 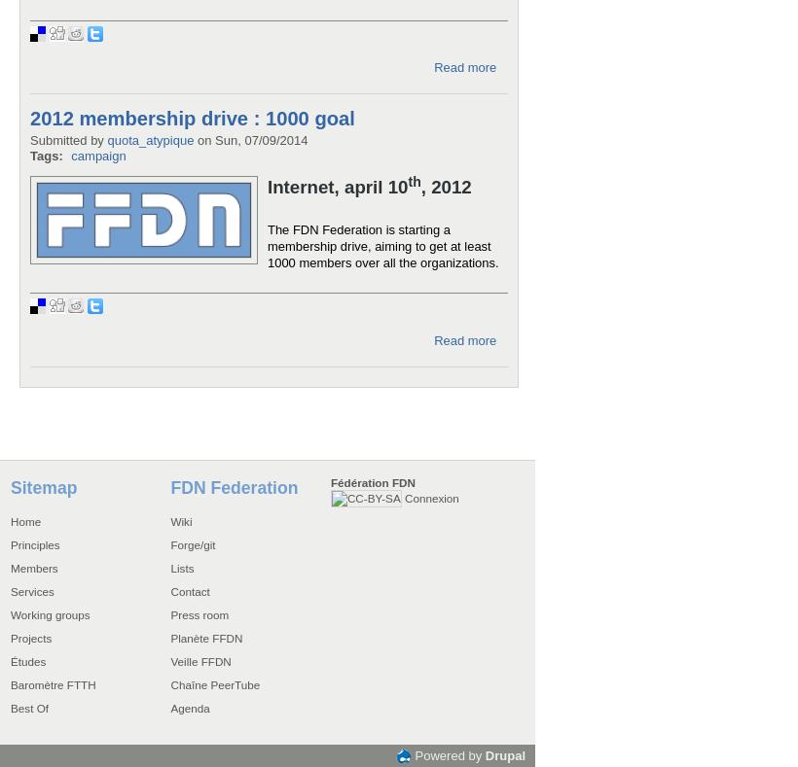 I want to click on 'Principles', so click(x=9, y=543).